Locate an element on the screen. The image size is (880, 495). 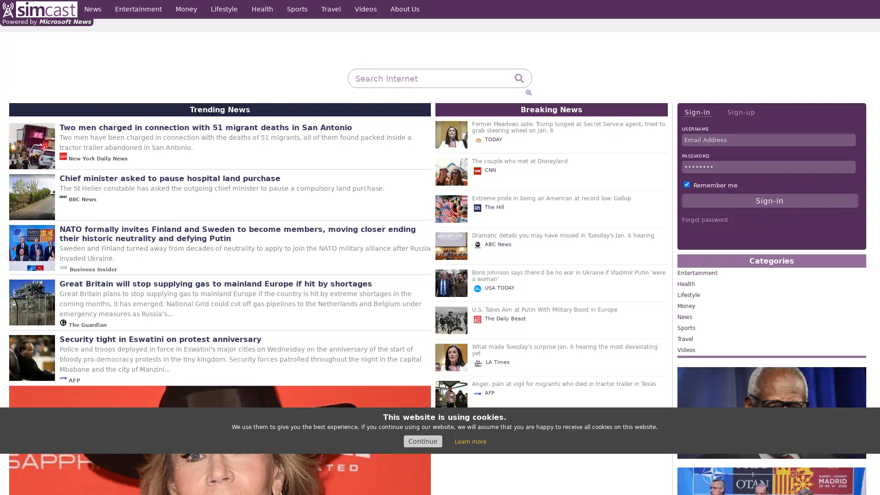
Sign-in is located at coordinates (697, 112).